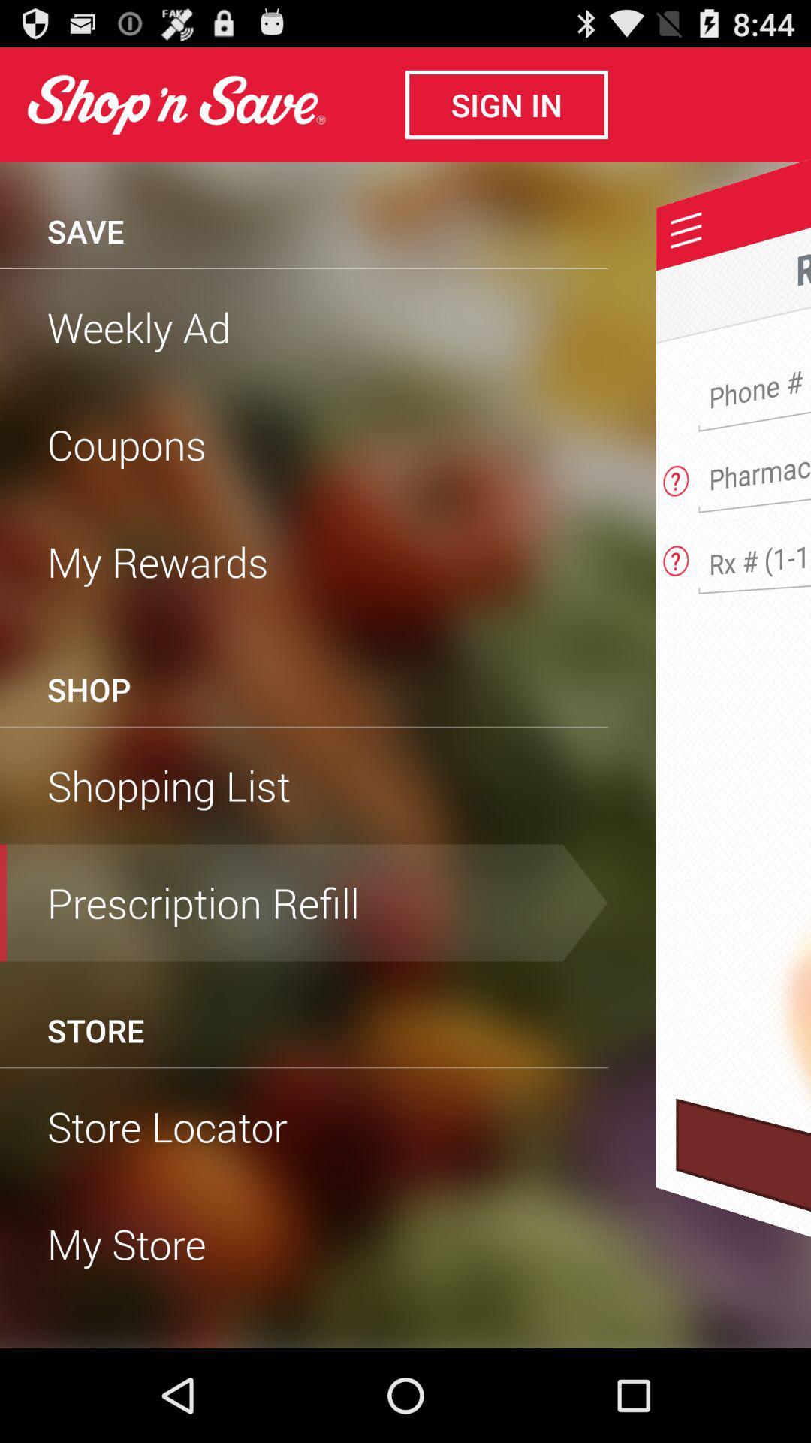  What do you see at coordinates (760, 554) in the screenshot?
I see `prescription number` at bounding box center [760, 554].